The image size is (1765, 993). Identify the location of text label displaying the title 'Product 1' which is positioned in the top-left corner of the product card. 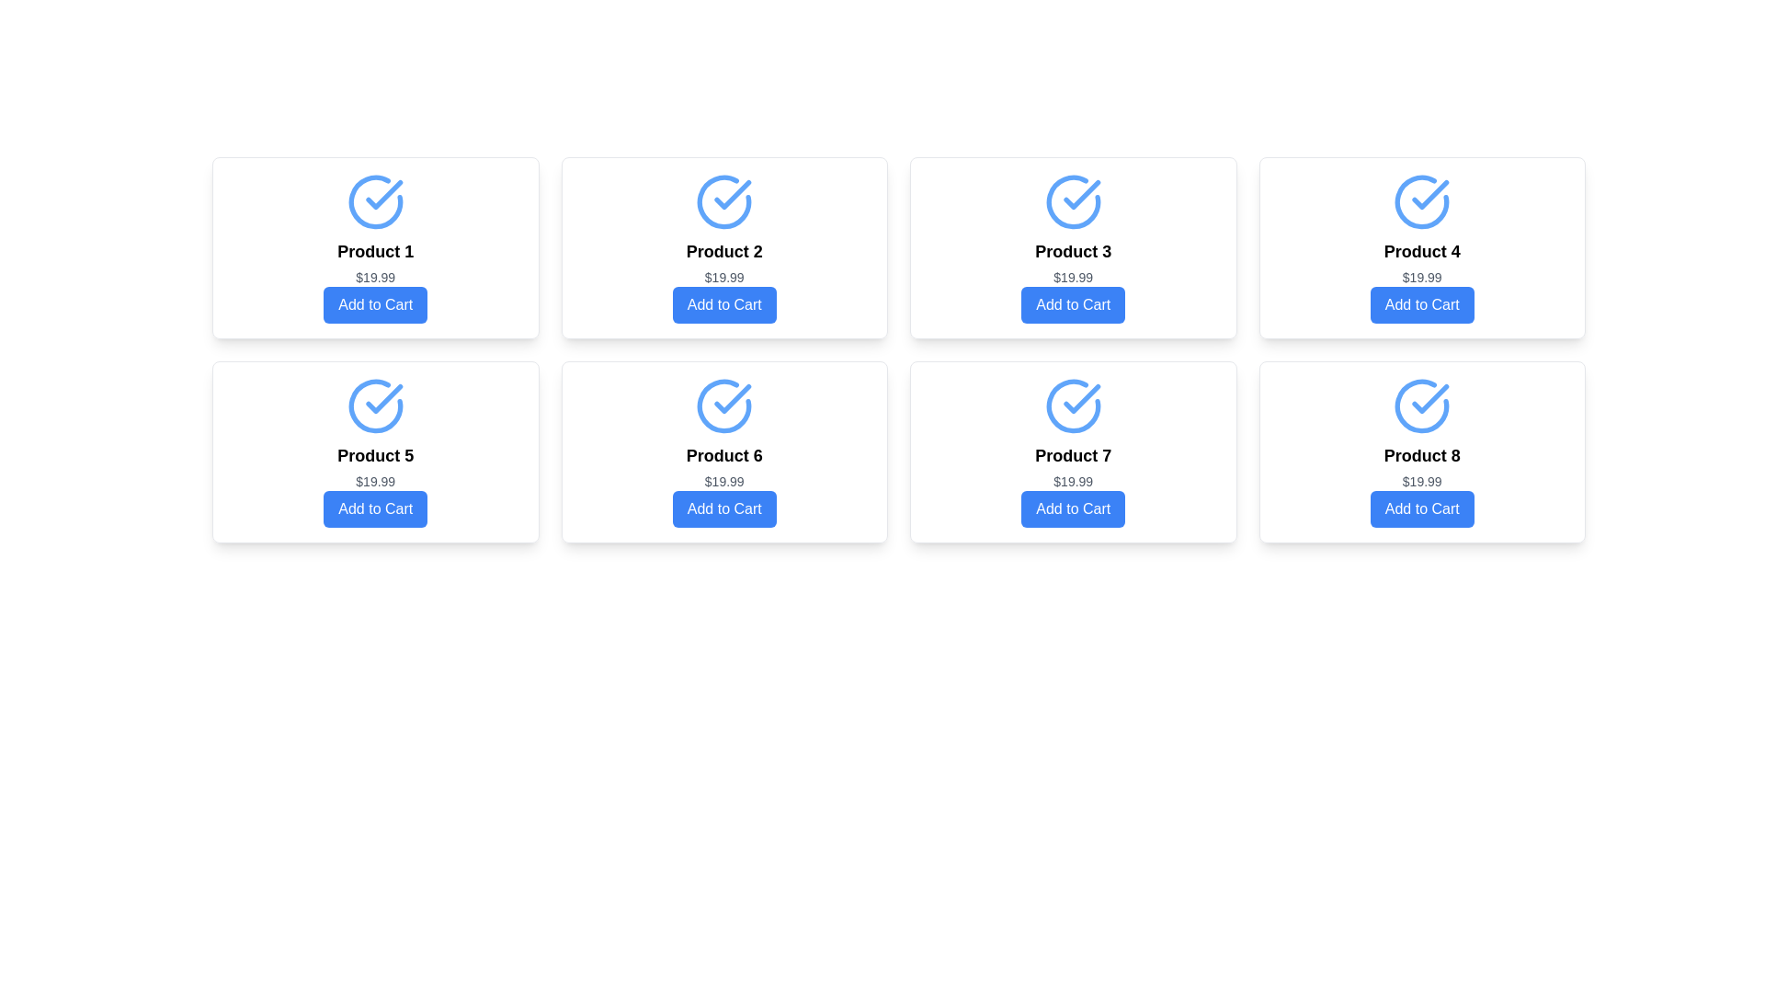
(374, 251).